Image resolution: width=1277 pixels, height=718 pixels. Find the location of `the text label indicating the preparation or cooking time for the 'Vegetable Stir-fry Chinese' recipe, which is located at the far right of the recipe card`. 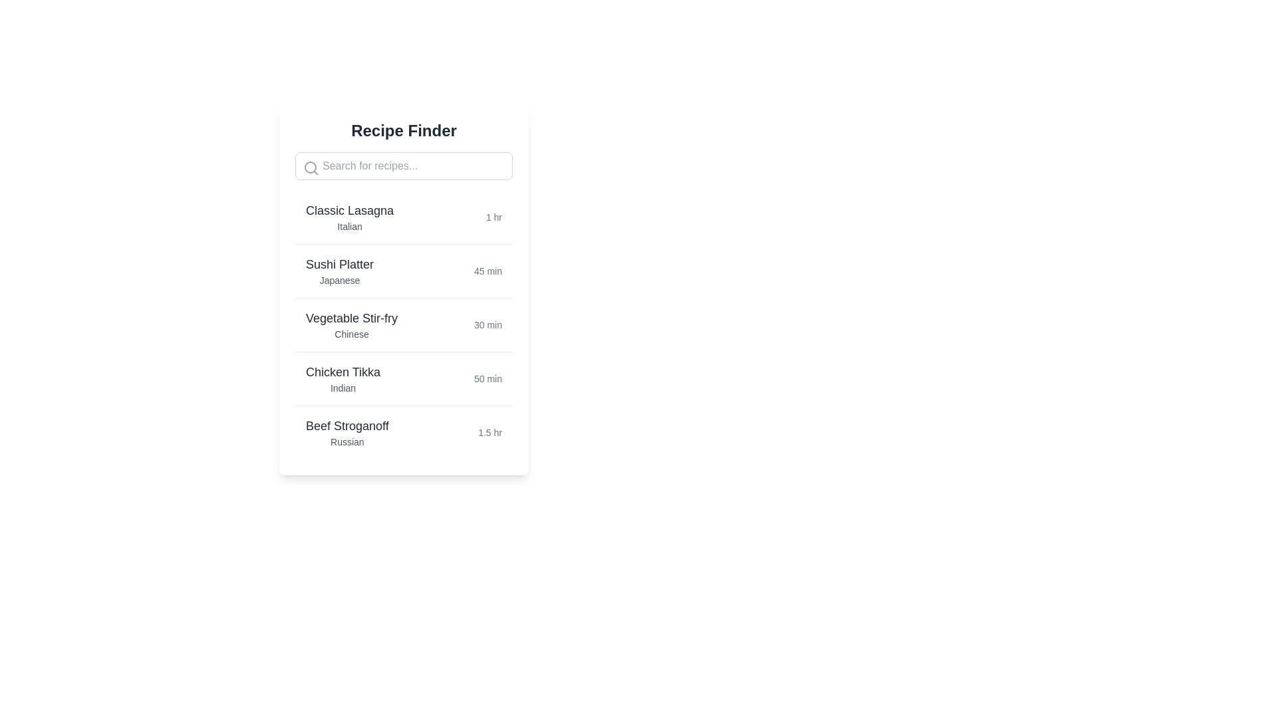

the text label indicating the preparation or cooking time for the 'Vegetable Stir-fry Chinese' recipe, which is located at the far right of the recipe card is located at coordinates (488, 325).